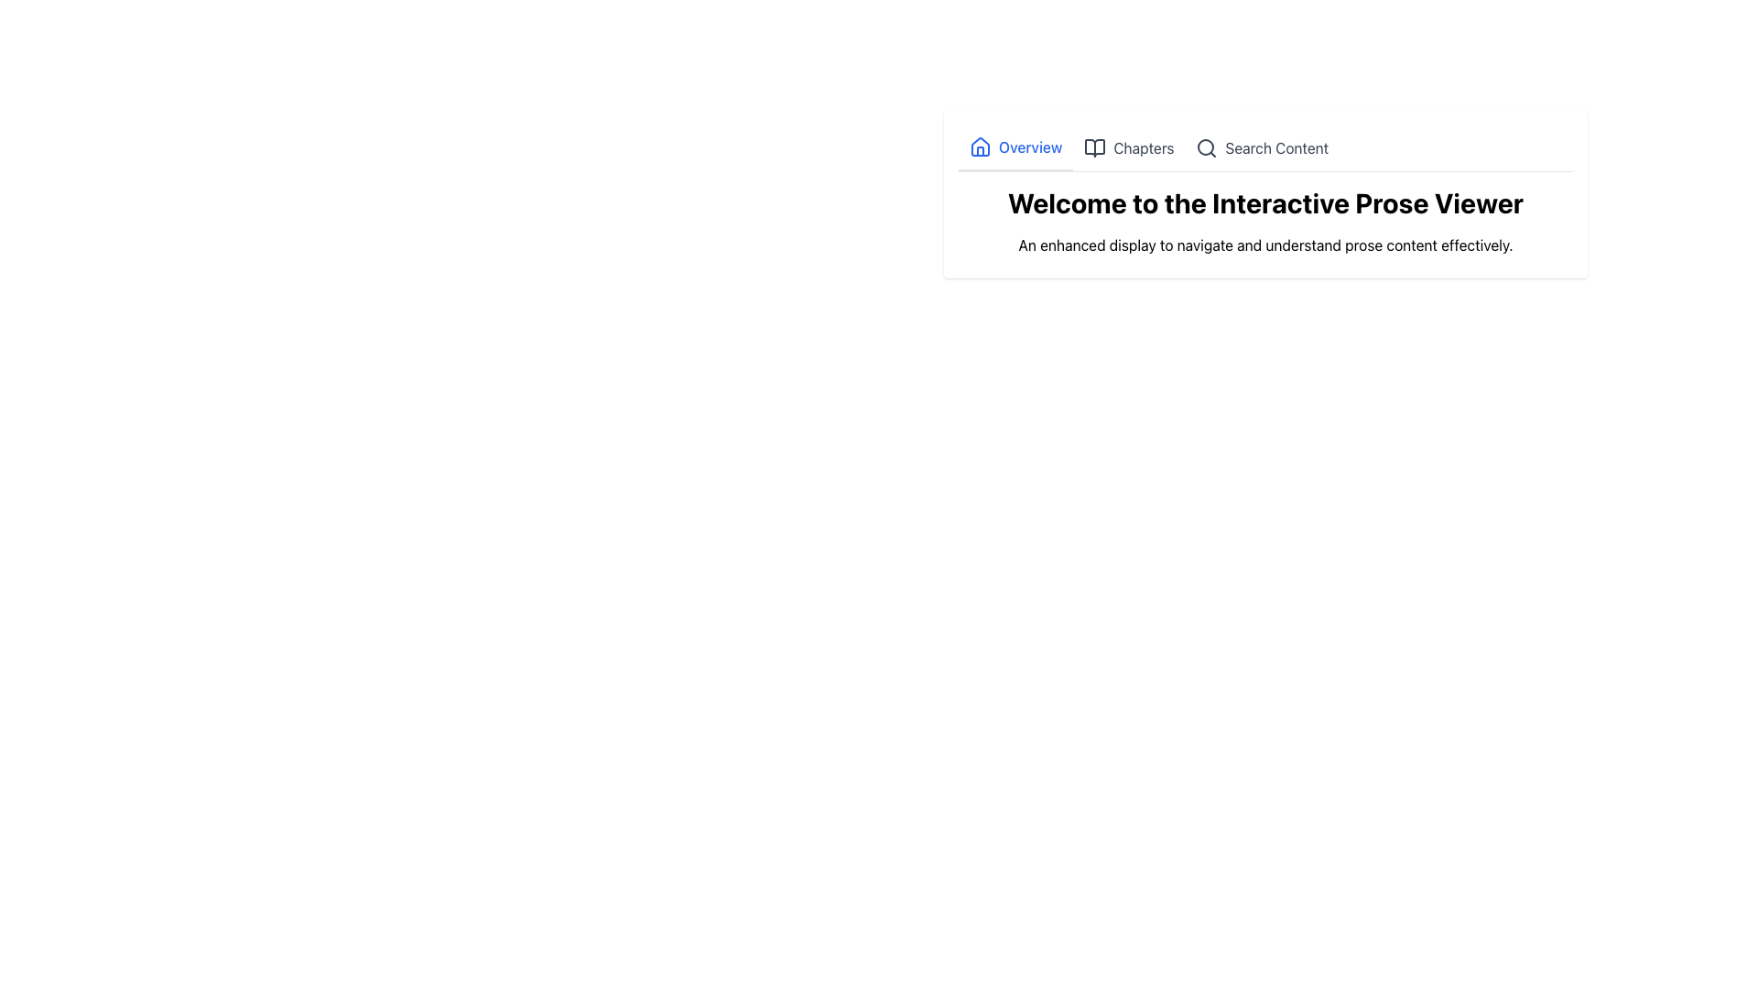  Describe the element at coordinates (1207, 147) in the screenshot. I see `the magnifying glass icon located in the top right corner of the navigation bar to initiate a search function` at that location.